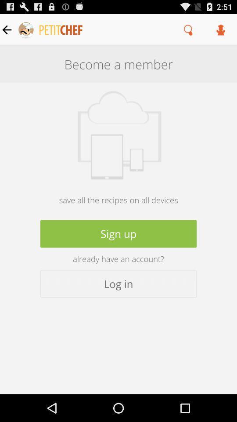  I want to click on item above become a member item, so click(220, 29).